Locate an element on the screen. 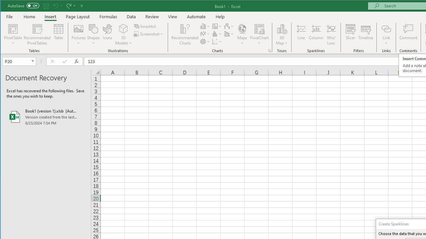 The height and width of the screenshot is (239, 426). 'Icons' is located at coordinates (107, 35).